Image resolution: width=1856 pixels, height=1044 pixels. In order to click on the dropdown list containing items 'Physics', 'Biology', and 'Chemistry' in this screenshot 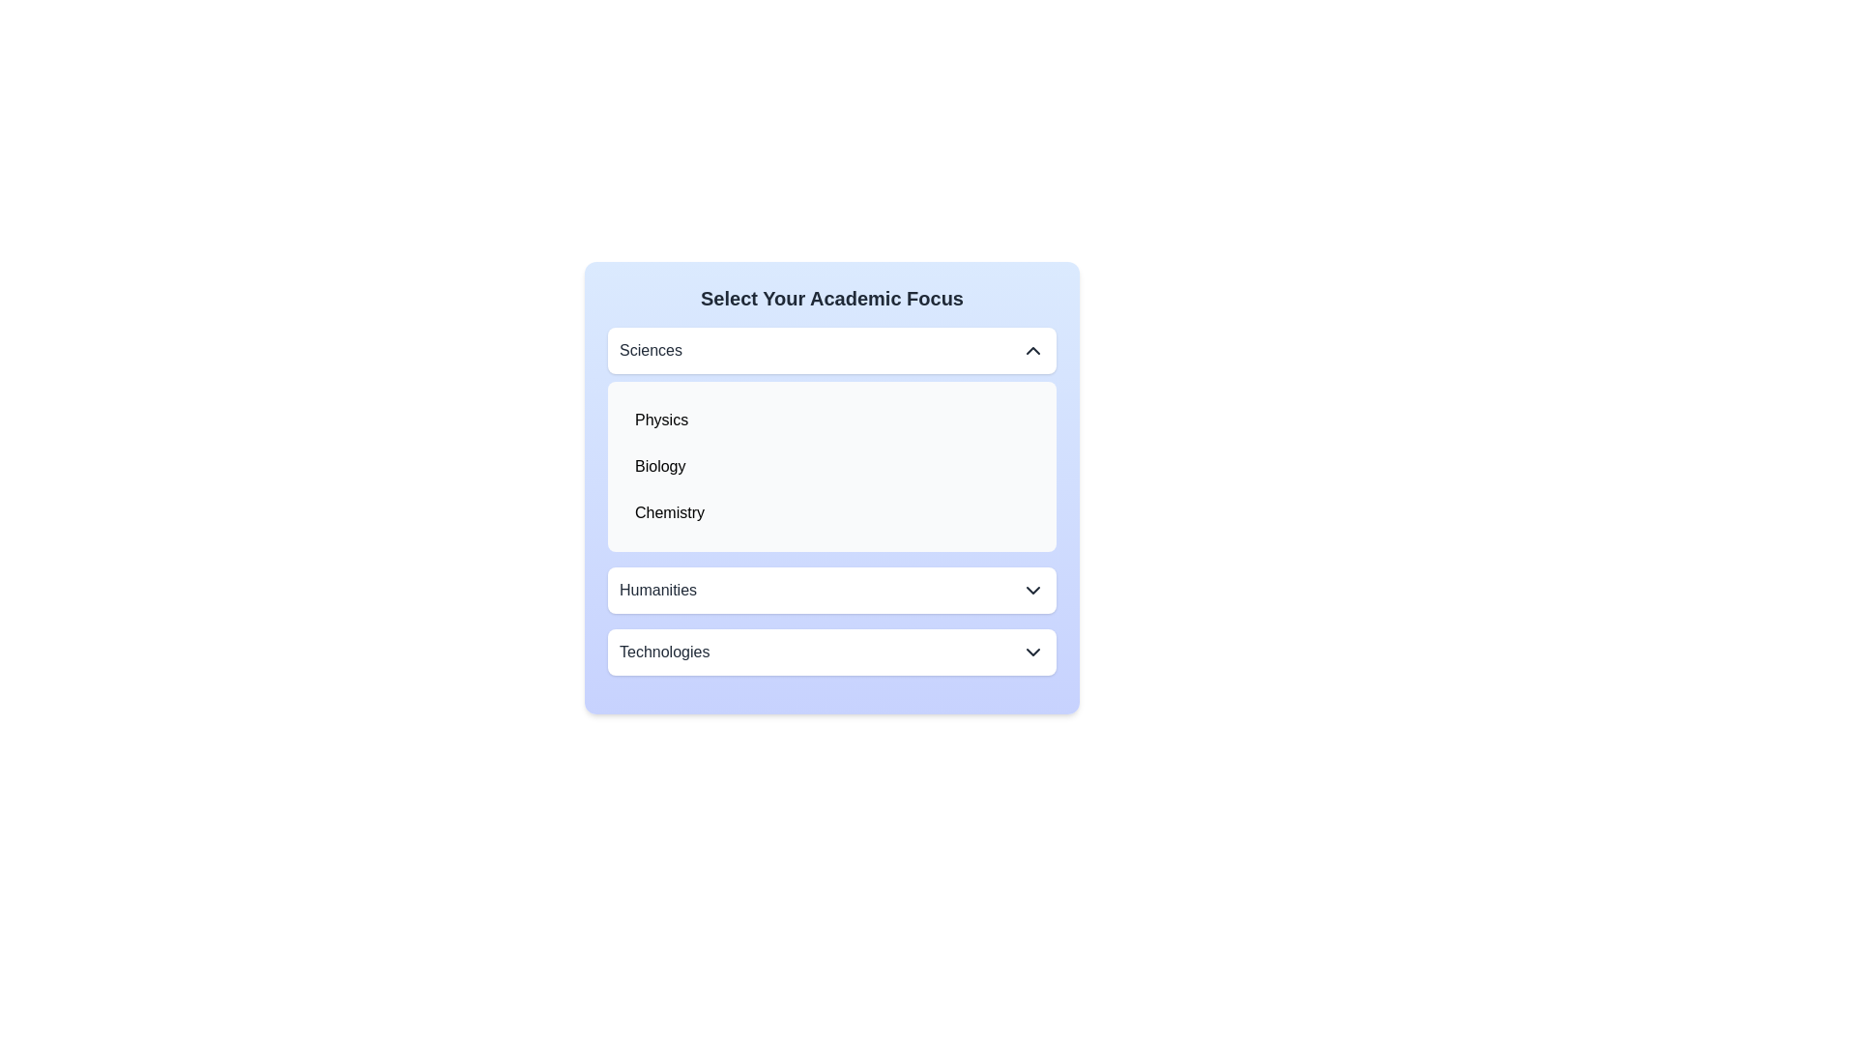, I will do `click(831, 466)`.